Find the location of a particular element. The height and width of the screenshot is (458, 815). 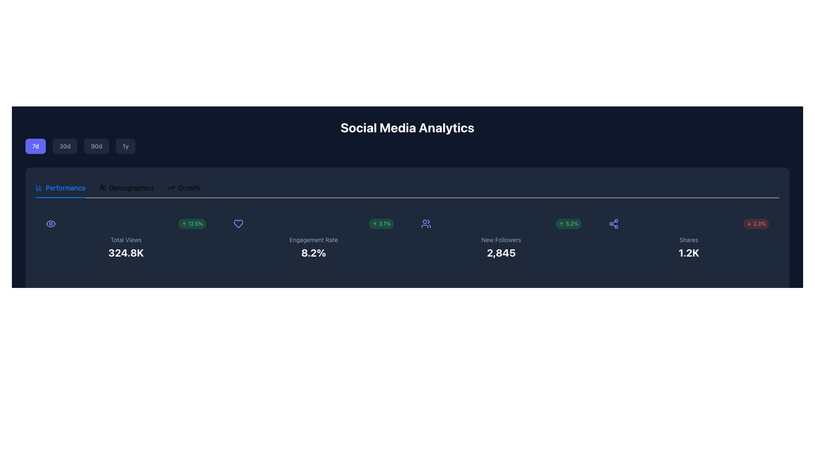

the Tab indicator bar that signifies the currently selected tab under the 'Performance' label in the multi-tab navigation system is located at coordinates (60, 198).